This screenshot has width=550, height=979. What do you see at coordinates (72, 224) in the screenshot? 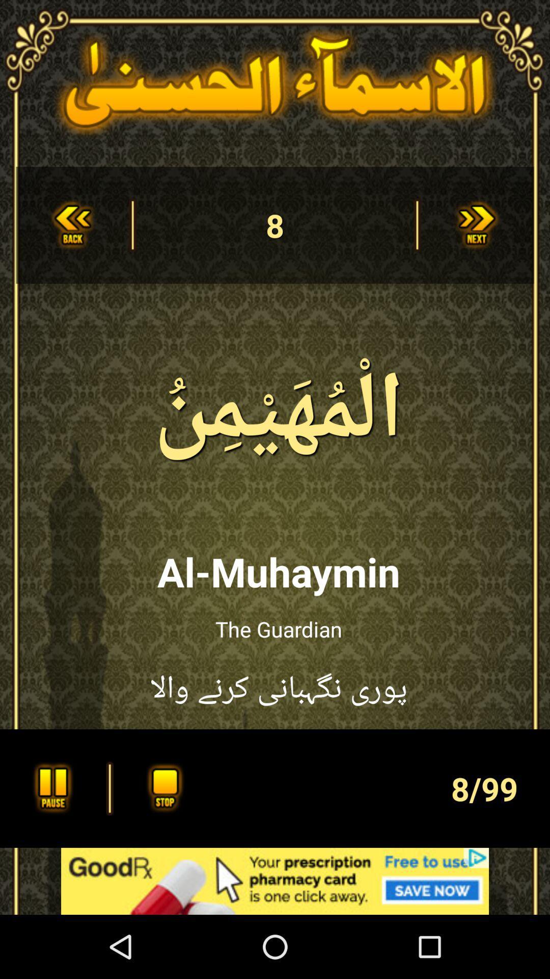
I see `back` at bounding box center [72, 224].